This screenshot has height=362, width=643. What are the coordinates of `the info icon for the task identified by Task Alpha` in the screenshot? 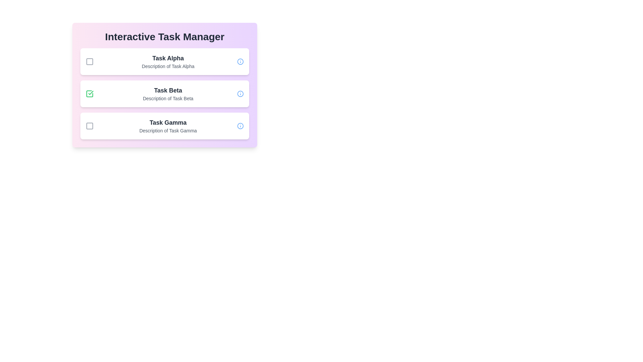 It's located at (240, 62).